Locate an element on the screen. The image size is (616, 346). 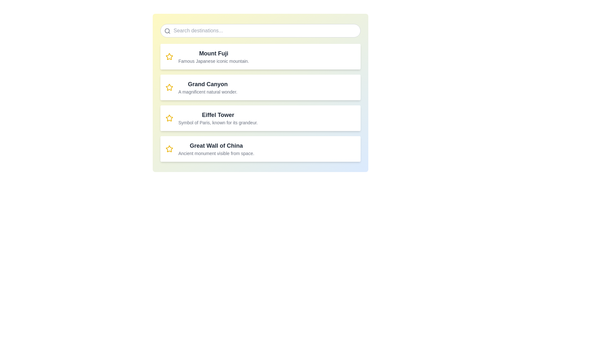
the static text label displaying 'Eiffel Tower', which serves as a heading for the destination and is positioned centrally above the description 'Symbol of Paris, known for its grandeur' is located at coordinates (218, 114).